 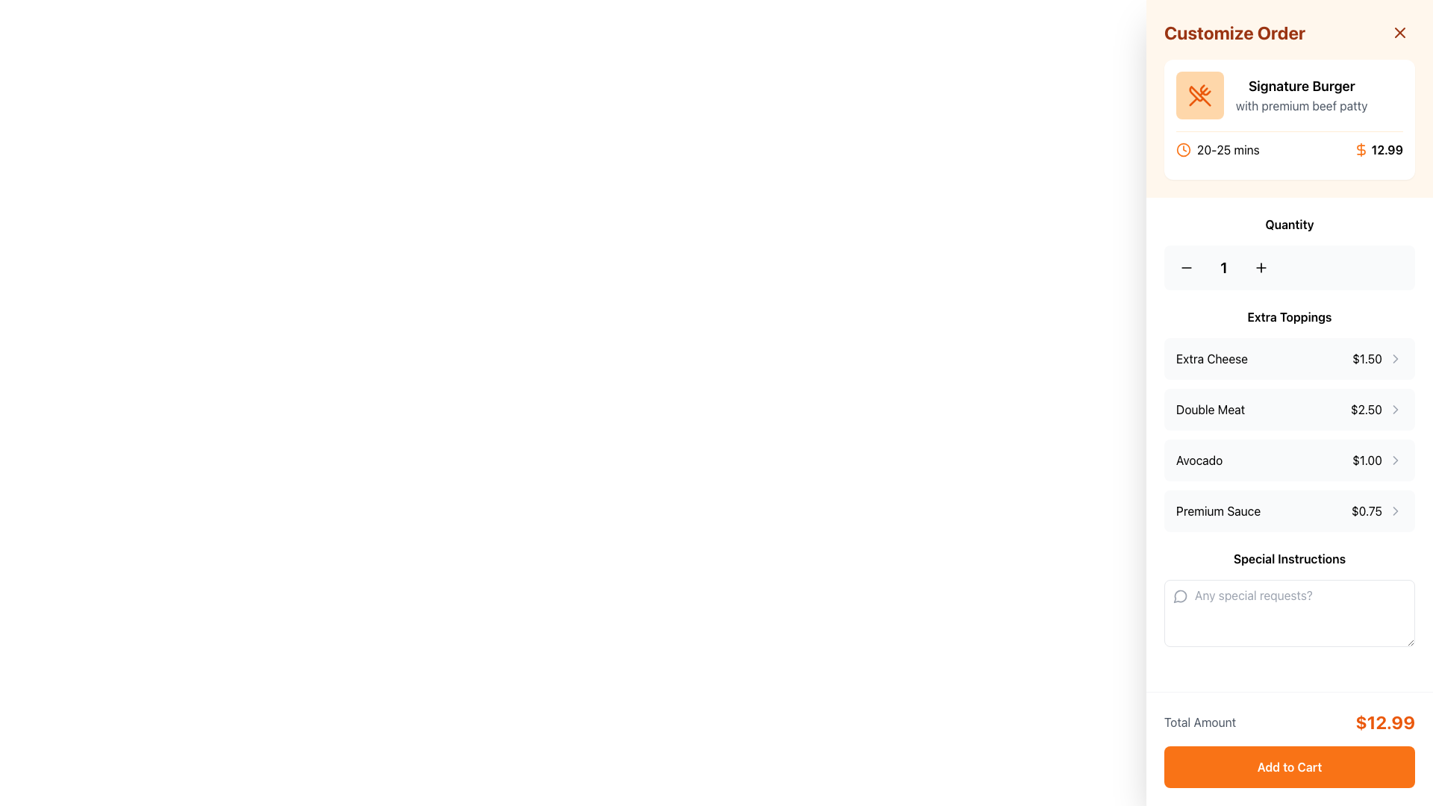 What do you see at coordinates (1199, 460) in the screenshot?
I see `the text label displaying 'Avocado' in the 'Extra Toppings' section` at bounding box center [1199, 460].